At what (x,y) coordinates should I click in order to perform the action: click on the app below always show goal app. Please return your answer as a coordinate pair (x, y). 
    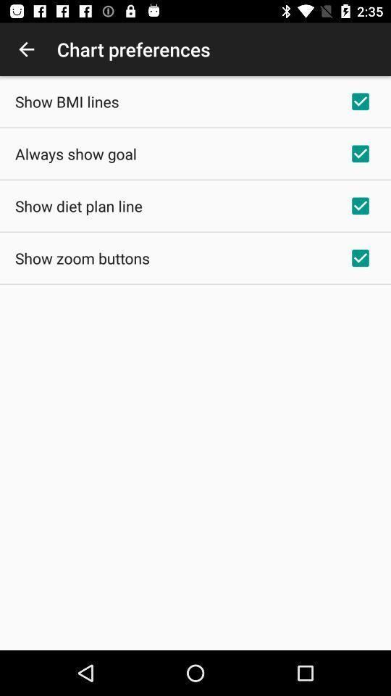
    Looking at the image, I should click on (78, 205).